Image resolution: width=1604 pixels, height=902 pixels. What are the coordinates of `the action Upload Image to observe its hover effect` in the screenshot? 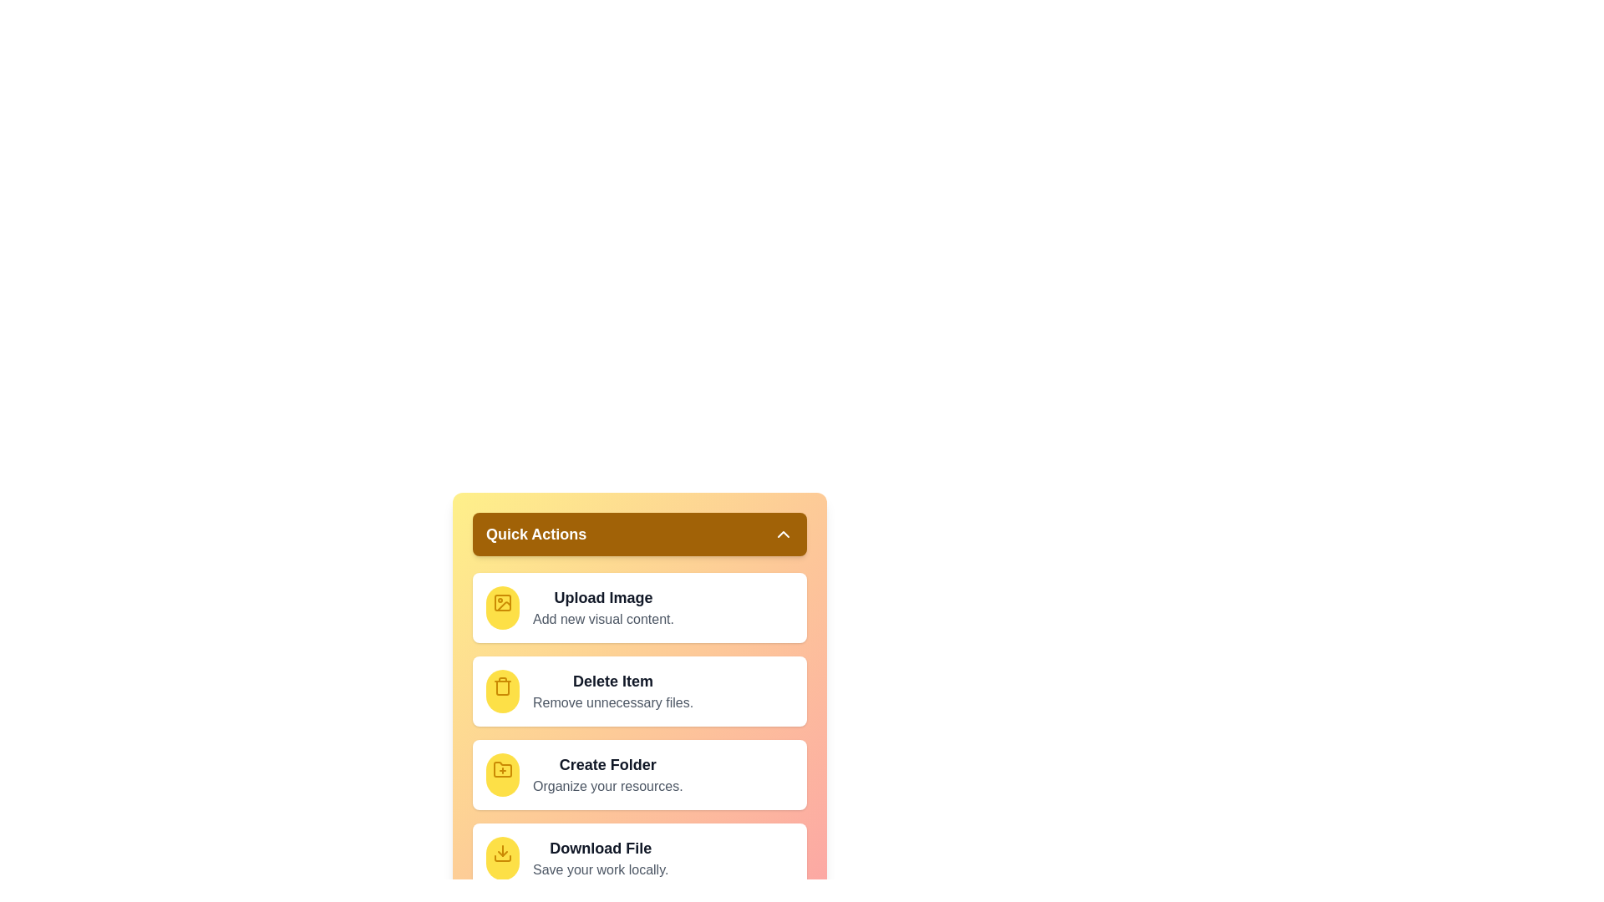 It's located at (501, 608).